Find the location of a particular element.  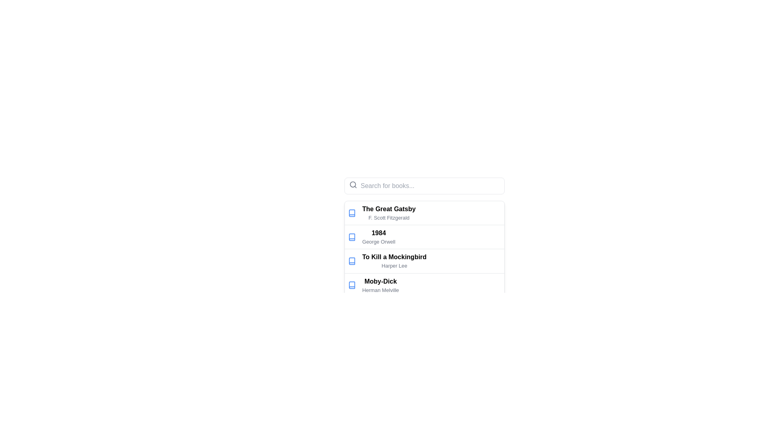

the title text label of a book, which is the first item in a vertical list located near the top-left corner of the list is located at coordinates (389, 208).